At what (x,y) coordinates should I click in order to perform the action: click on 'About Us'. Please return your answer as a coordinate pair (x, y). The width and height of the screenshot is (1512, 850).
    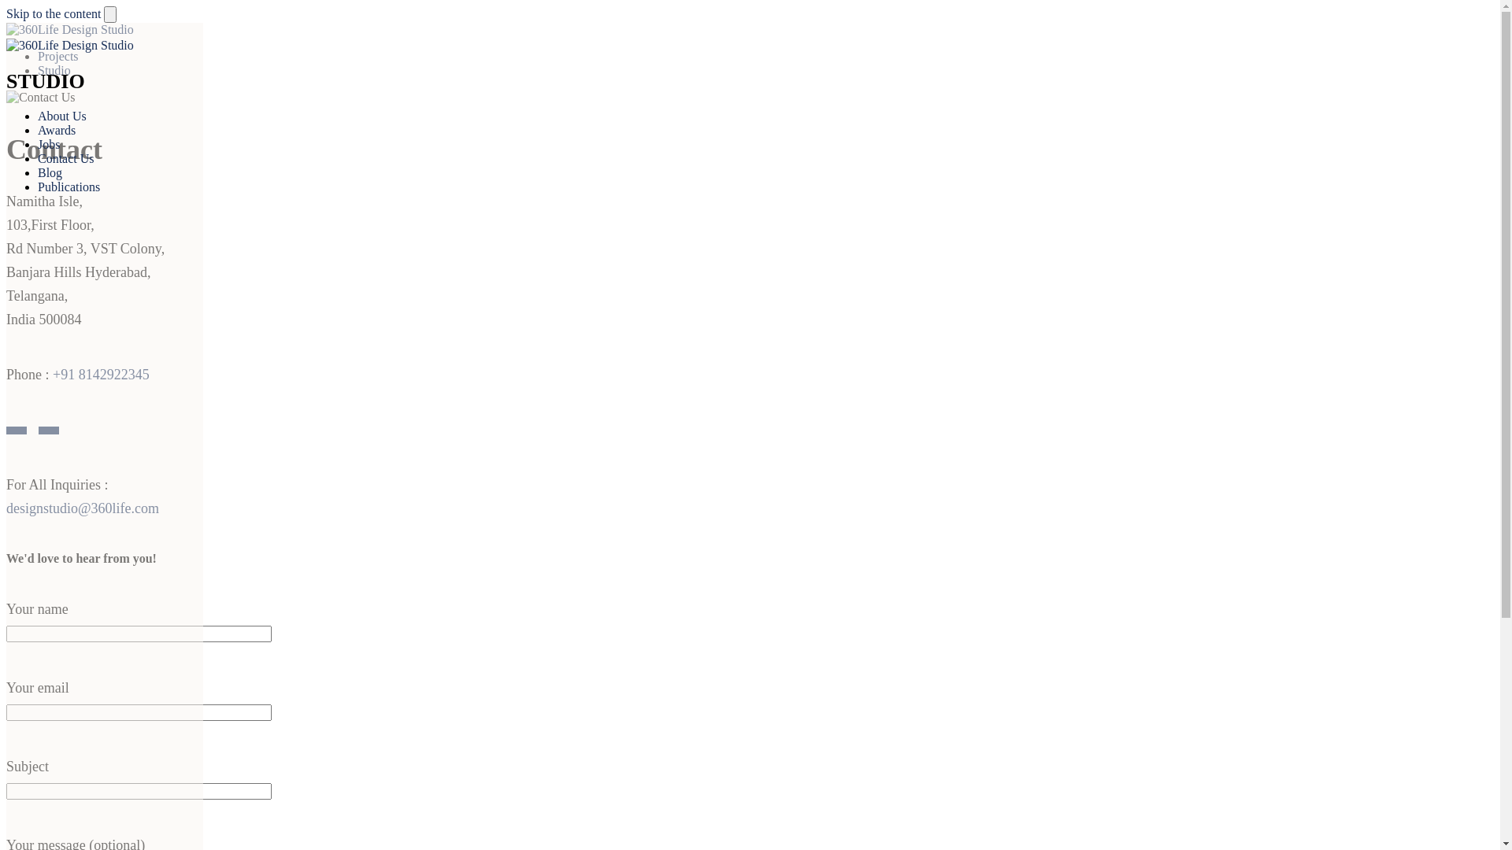
    Looking at the image, I should click on (38, 115).